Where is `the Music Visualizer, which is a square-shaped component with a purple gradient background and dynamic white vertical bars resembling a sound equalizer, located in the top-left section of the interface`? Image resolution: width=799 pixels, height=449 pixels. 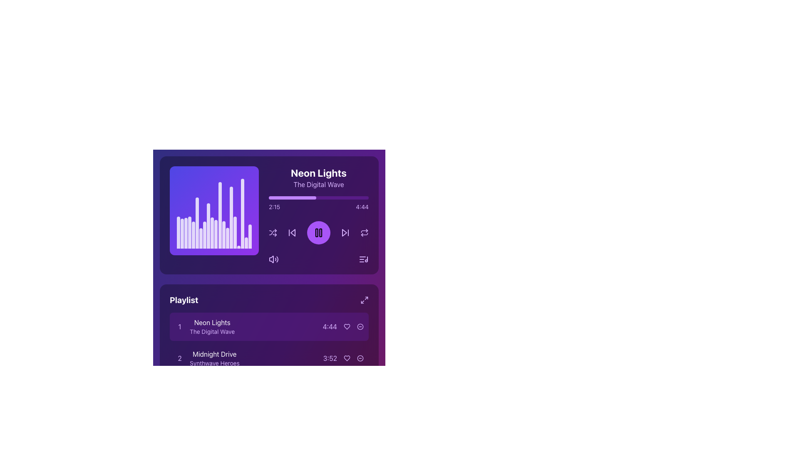 the Music Visualizer, which is a square-shaped component with a purple gradient background and dynamic white vertical bars resembling a sound equalizer, located in the top-left section of the interface is located at coordinates (214, 215).